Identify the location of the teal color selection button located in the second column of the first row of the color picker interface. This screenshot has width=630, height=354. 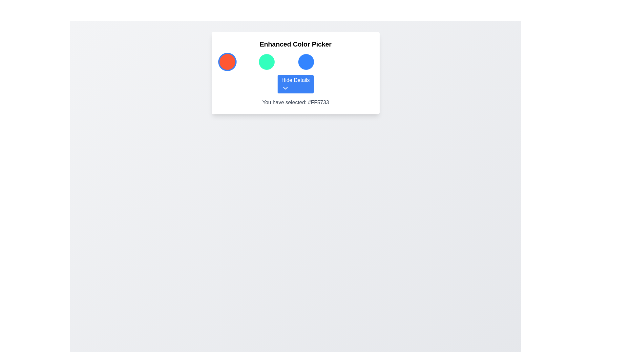
(266, 62).